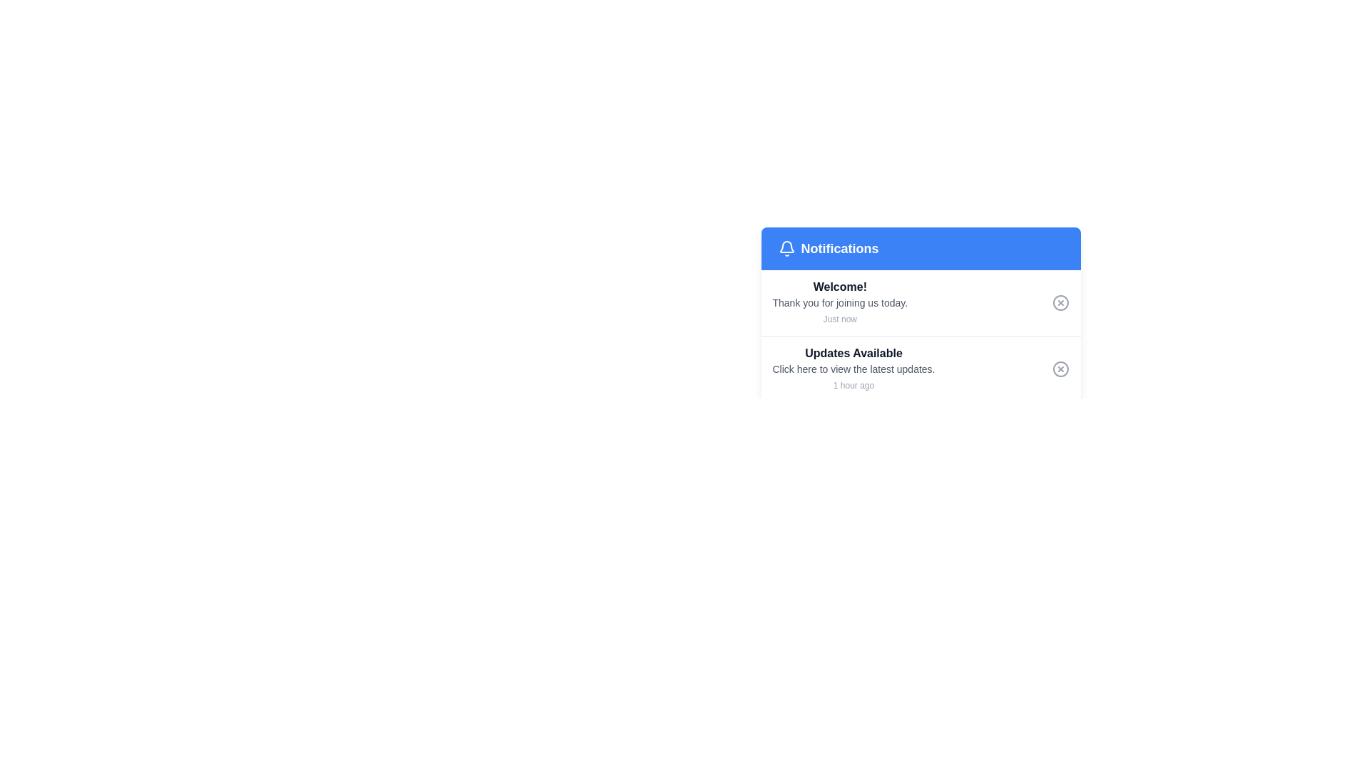 The height and width of the screenshot is (770, 1369). Describe the element at coordinates (1060, 368) in the screenshot. I see `the circular SVG element with a blue border, part of the crossed-out circle icon, located to the far right of the 'Updates Available' notification in the sidebar interface` at that location.